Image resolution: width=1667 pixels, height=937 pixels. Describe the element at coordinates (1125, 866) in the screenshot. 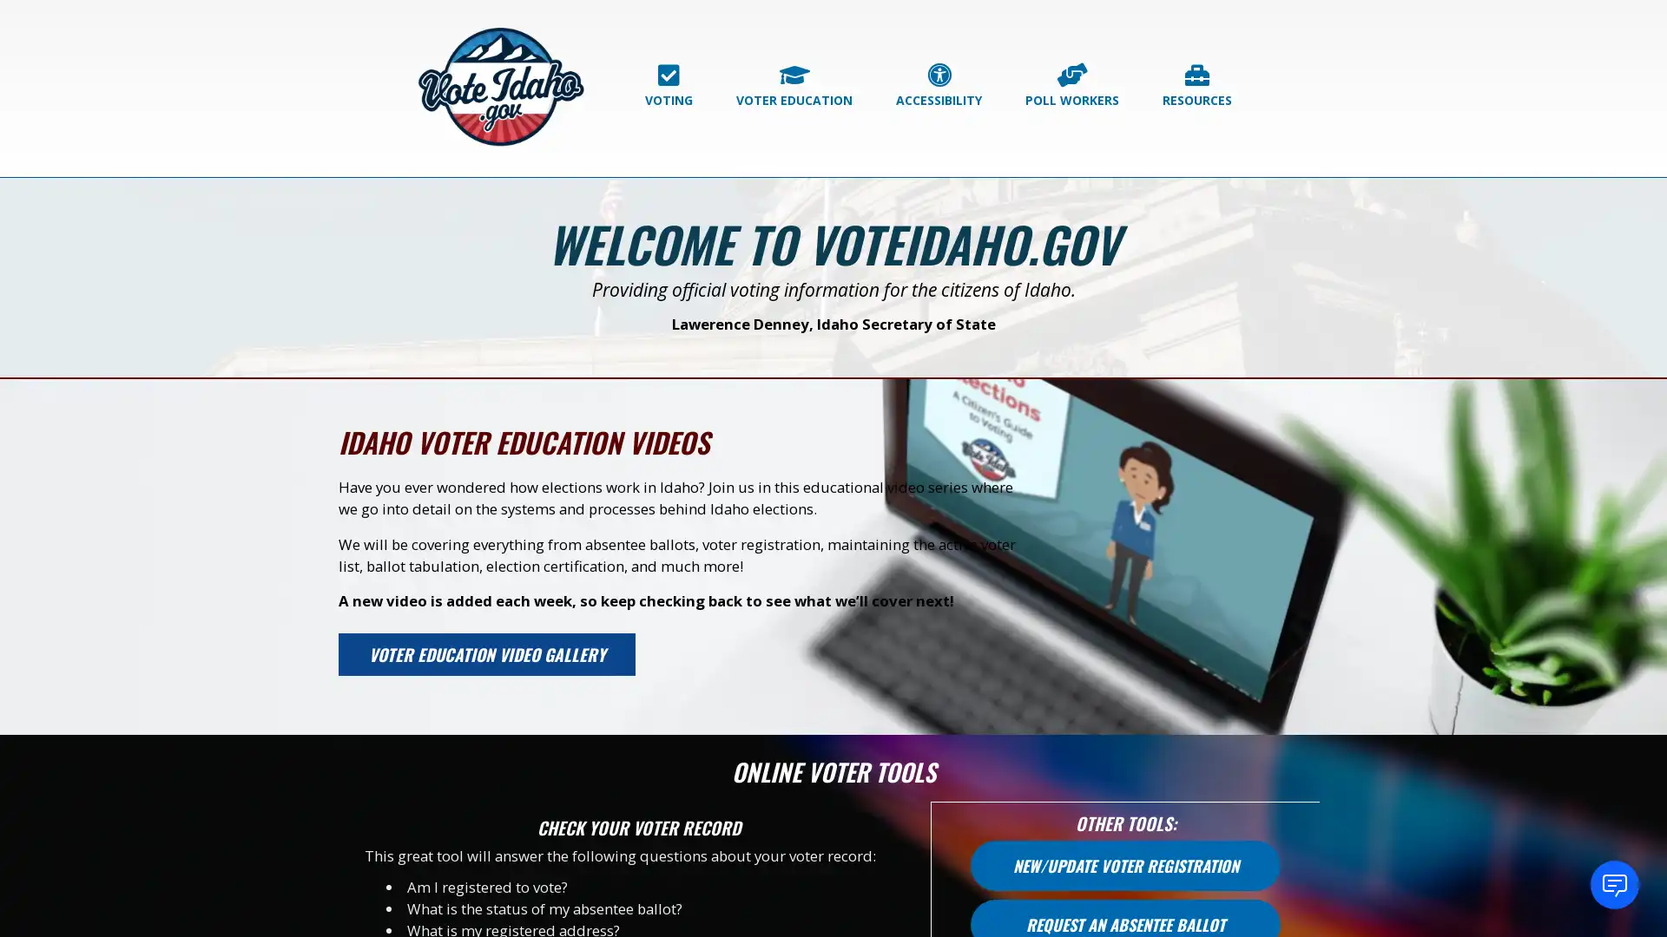

I see `NEW/UPDATE VOTER REGISTRATION` at that location.